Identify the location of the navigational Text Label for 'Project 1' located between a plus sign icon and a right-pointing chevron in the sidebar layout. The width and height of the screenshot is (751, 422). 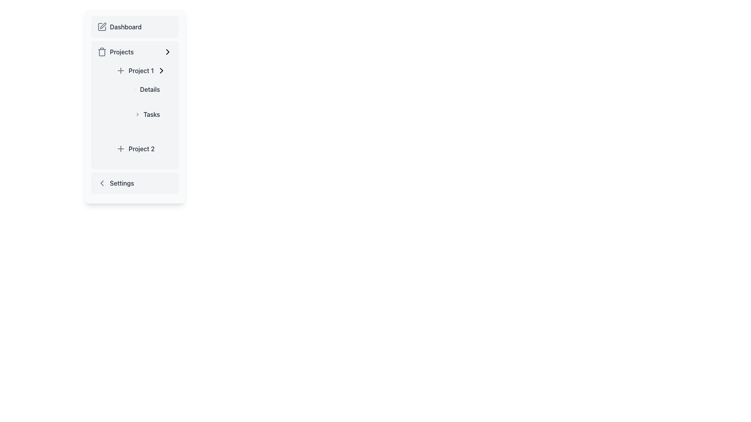
(141, 71).